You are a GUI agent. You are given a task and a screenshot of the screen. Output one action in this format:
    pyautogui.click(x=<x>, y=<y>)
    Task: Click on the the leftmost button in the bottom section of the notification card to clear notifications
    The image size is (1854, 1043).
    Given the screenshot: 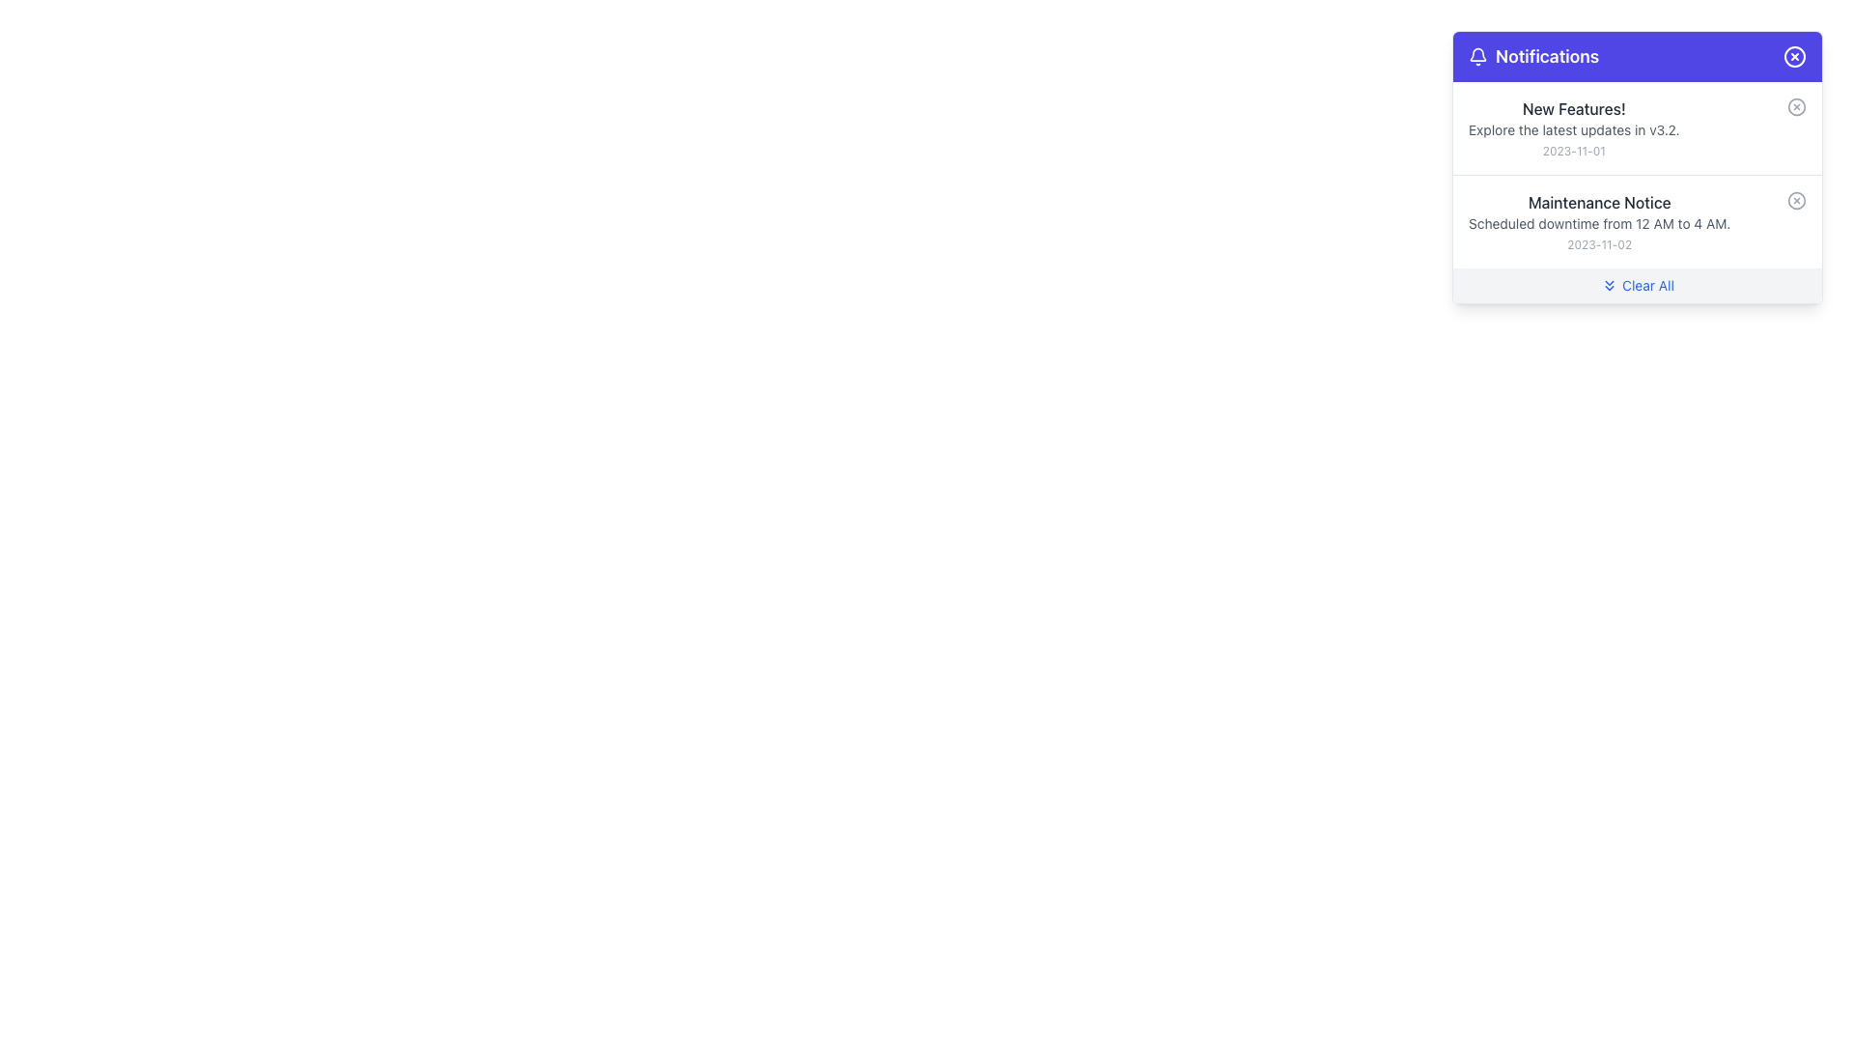 What is the action you would take?
    pyautogui.click(x=1636, y=286)
    